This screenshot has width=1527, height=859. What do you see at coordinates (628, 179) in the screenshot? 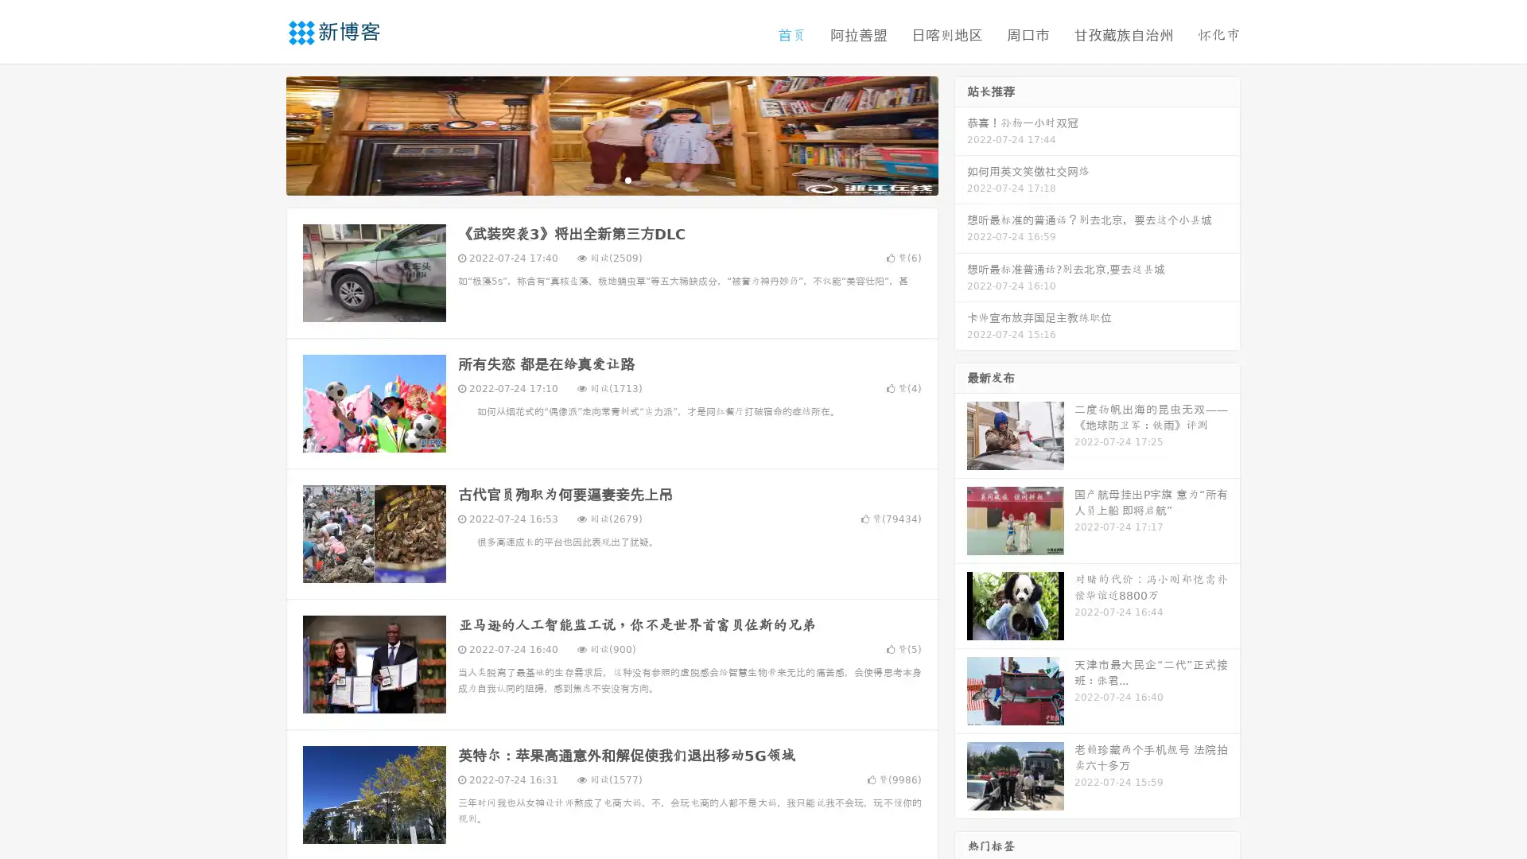
I see `Go to slide 3` at bounding box center [628, 179].